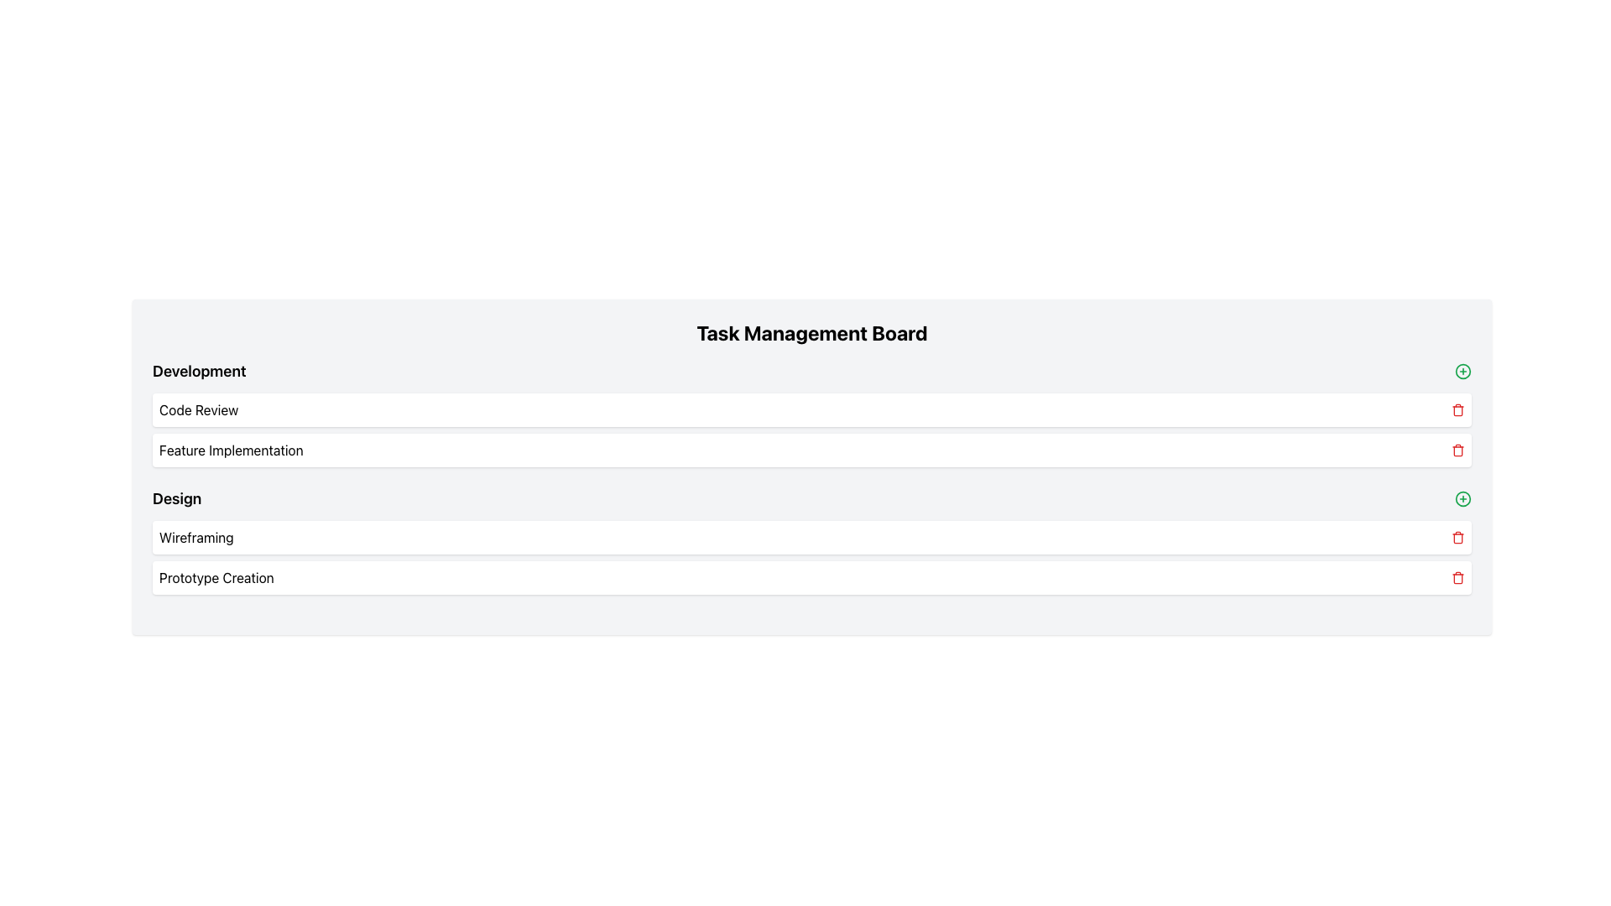 The image size is (1611, 906). I want to click on the 'Wireframing' label, which is a black text label in a sans-serif font situated in the second row of the 'Design' group in a task management layout, so click(196, 537).